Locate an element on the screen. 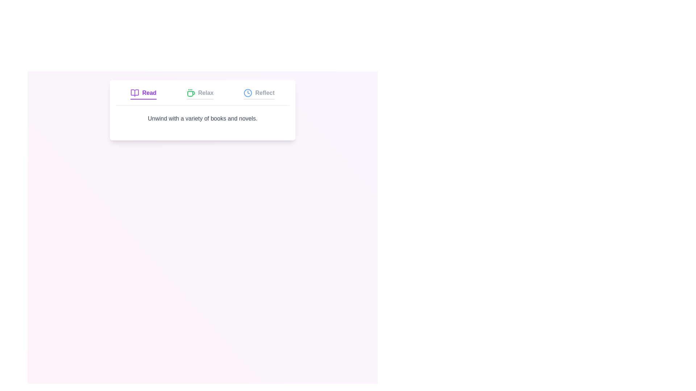  the Reflect tab to activate it is located at coordinates (259, 93).